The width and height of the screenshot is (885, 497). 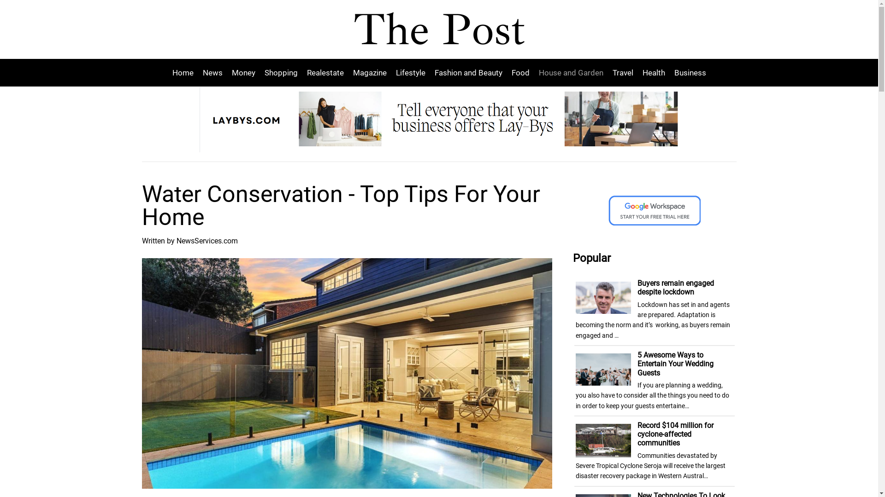 What do you see at coordinates (506, 72) in the screenshot?
I see `'Food'` at bounding box center [506, 72].